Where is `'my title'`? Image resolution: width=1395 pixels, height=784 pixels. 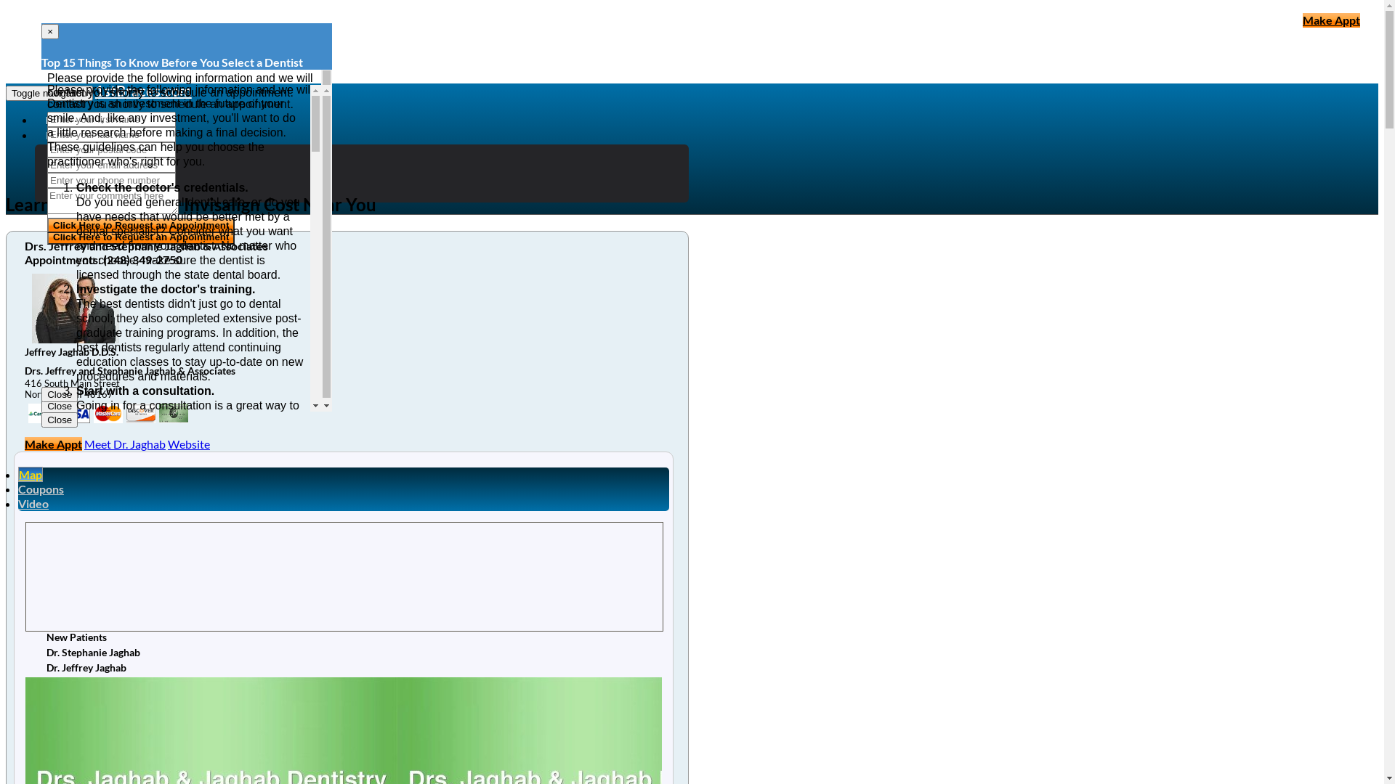
'my title' is located at coordinates (42, 413).